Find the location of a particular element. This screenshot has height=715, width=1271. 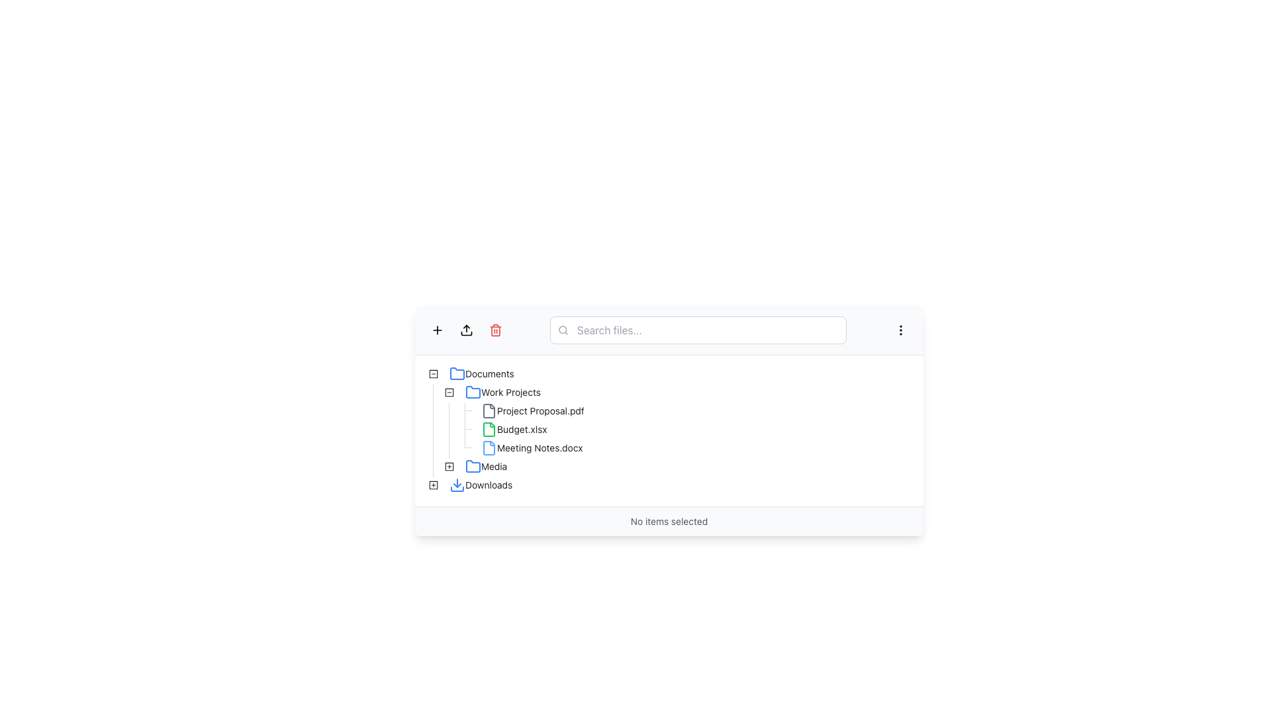

the folder icon representing 'Work Projects' is located at coordinates (473, 392).